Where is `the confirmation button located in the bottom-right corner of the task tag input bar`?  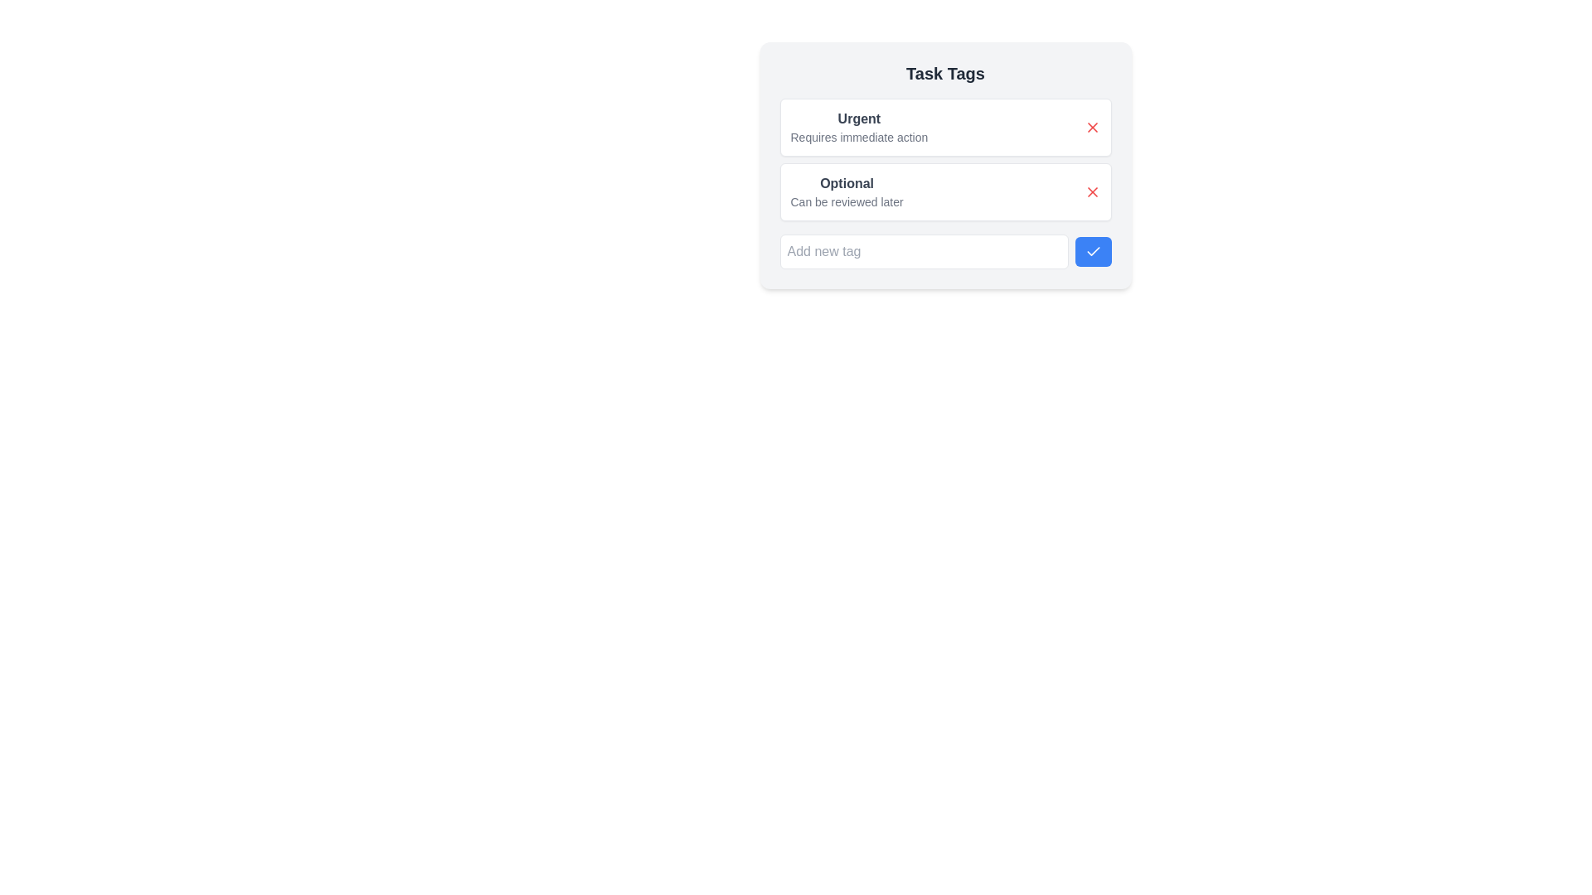 the confirmation button located in the bottom-right corner of the task tag input bar is located at coordinates (1093, 252).